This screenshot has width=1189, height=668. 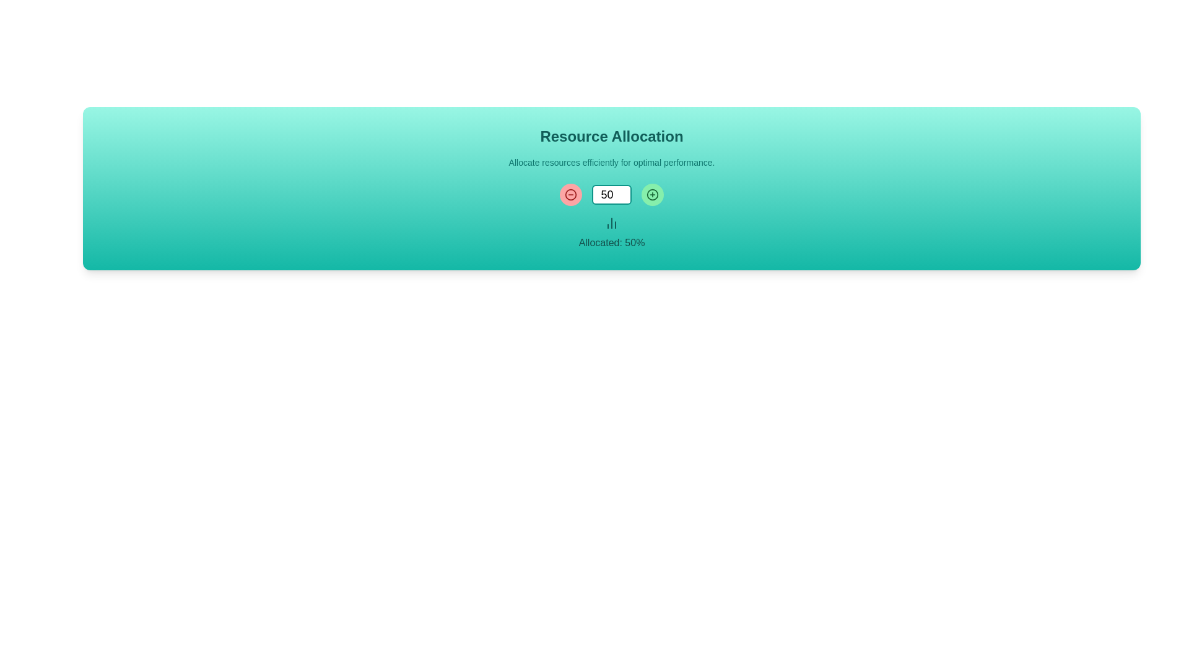 What do you see at coordinates (570, 195) in the screenshot?
I see `the circular red minus icon button located to the left of the numerical input field under the 'Resource Allocation' heading` at bounding box center [570, 195].